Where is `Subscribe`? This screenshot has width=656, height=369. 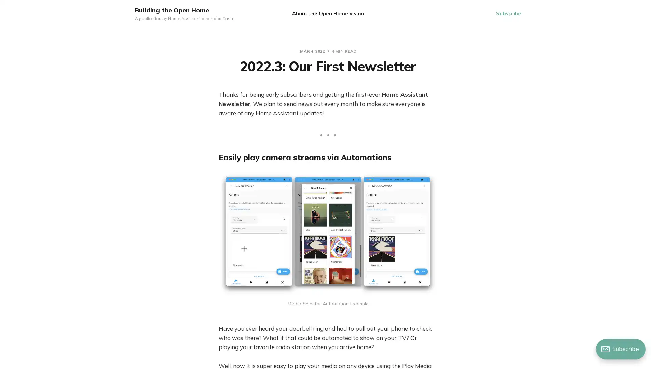 Subscribe is located at coordinates (508, 13).